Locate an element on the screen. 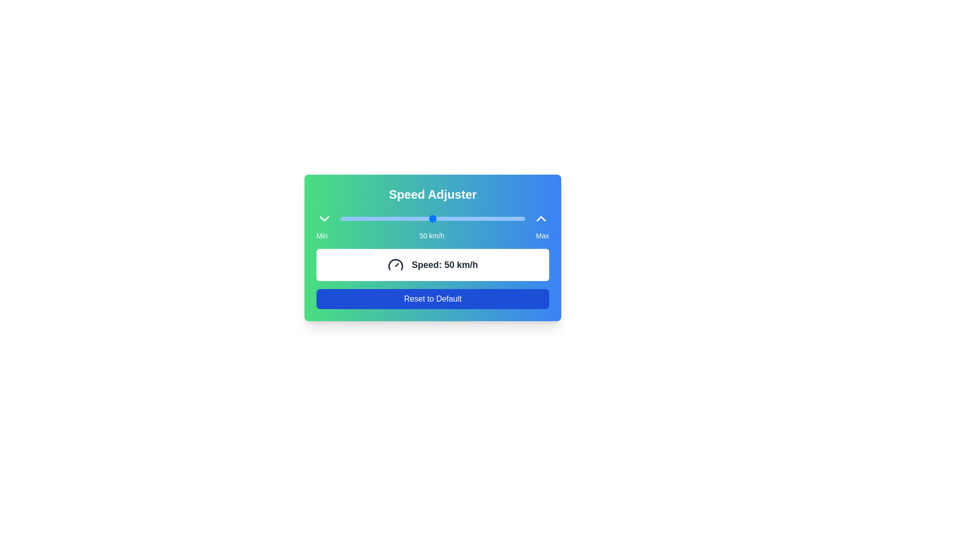 The height and width of the screenshot is (542, 963). the Static Label displaying 'Max' in white on a blue background, located at the bottom-right of the gradient card for the 'Speed Adjuster' interface is located at coordinates (542, 236).